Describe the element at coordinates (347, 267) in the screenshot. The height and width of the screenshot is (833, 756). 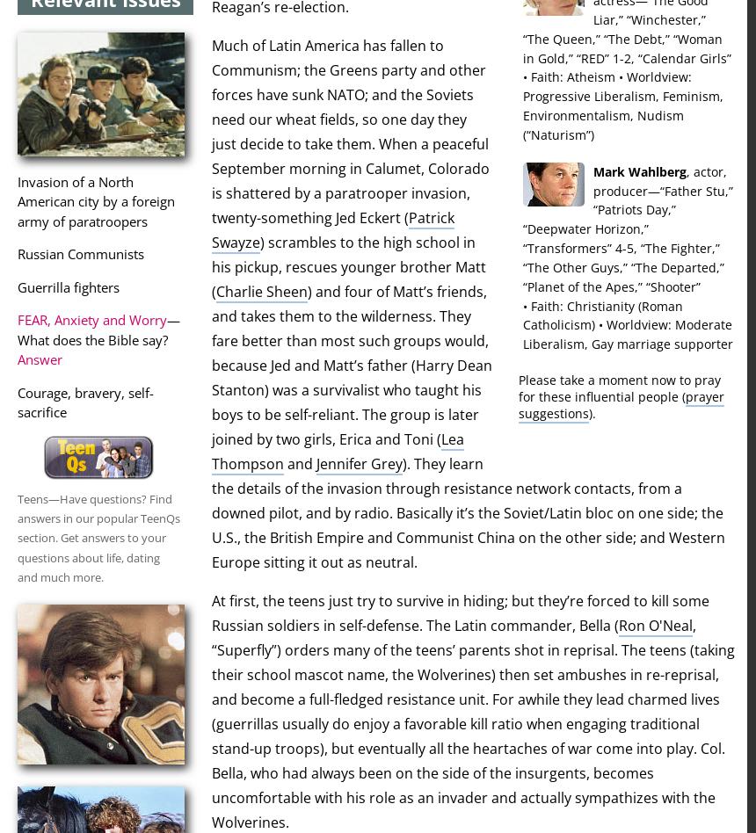
I see `') scrambles to the high school in his pickup, rescues younger brother Matt ('` at that location.